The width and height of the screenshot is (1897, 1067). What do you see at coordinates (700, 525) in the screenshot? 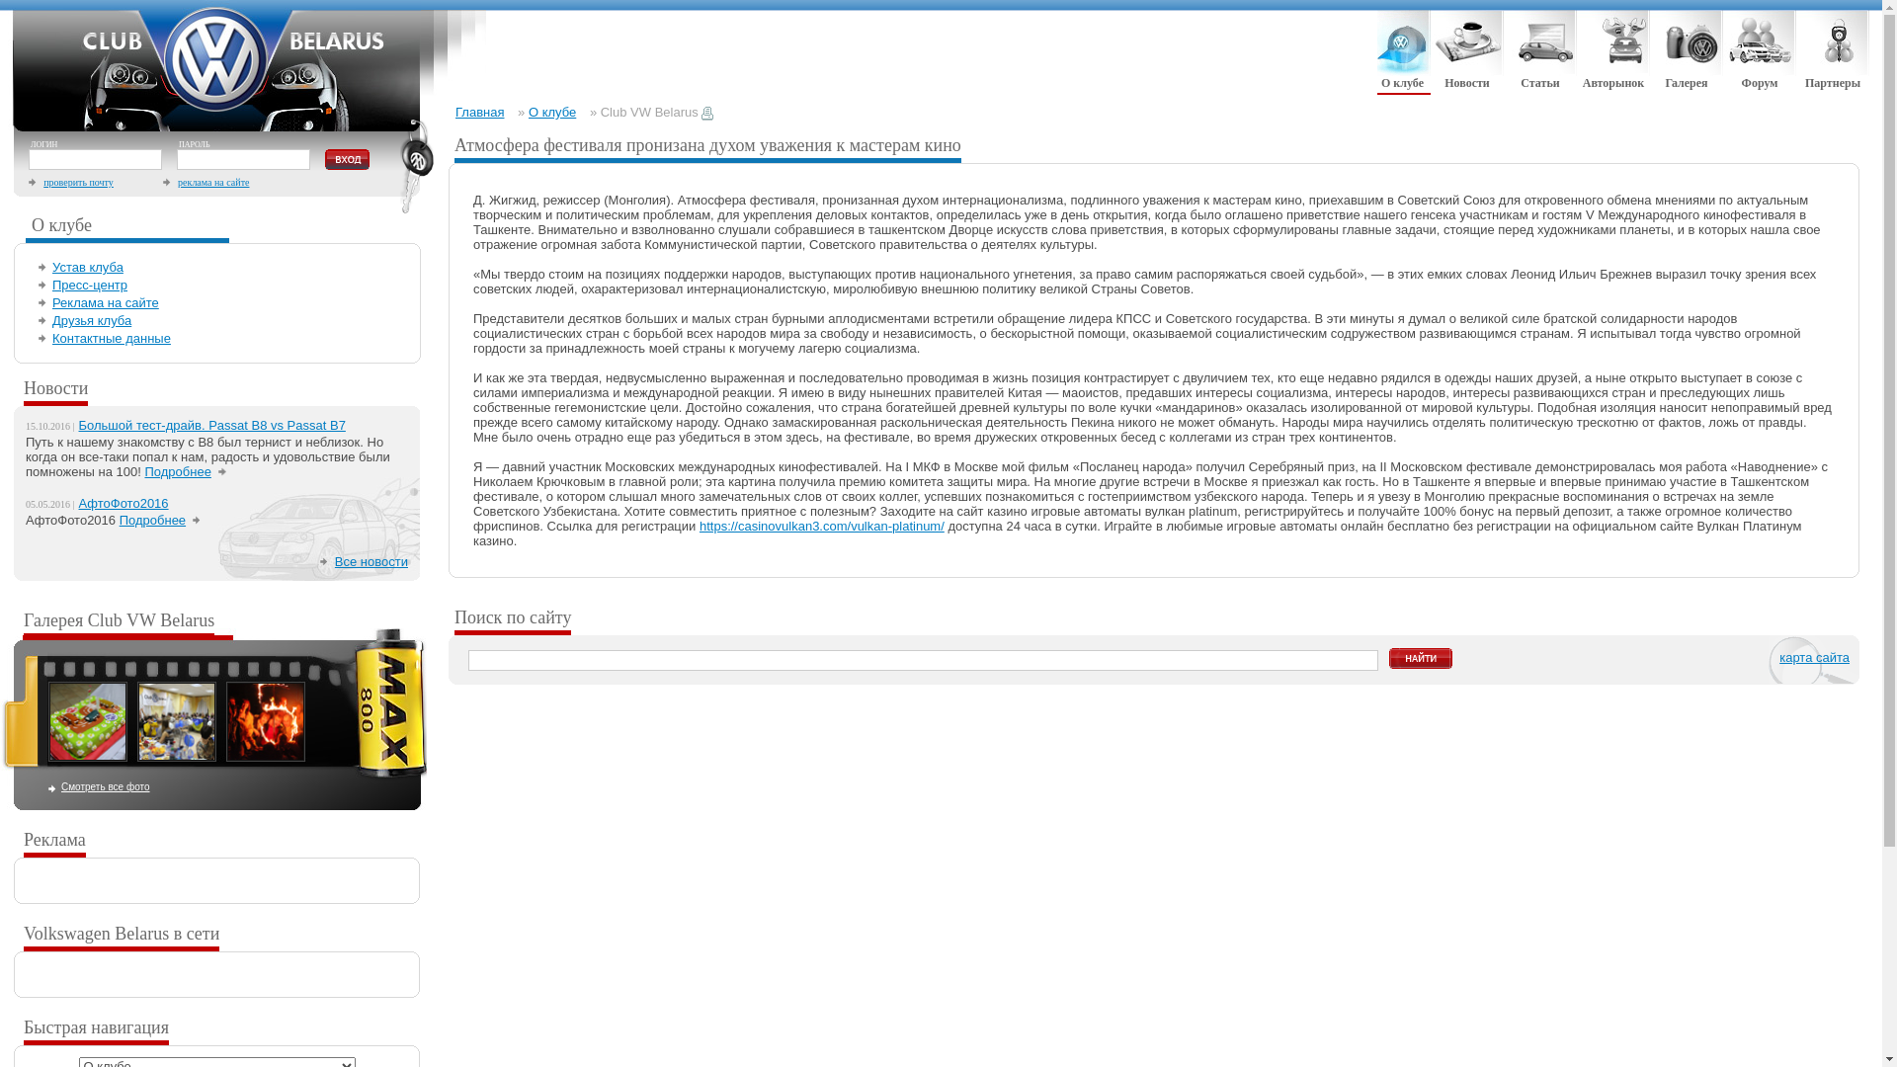
I see `'https://casinovulkan3.com/vulkan-platinum/'` at bounding box center [700, 525].